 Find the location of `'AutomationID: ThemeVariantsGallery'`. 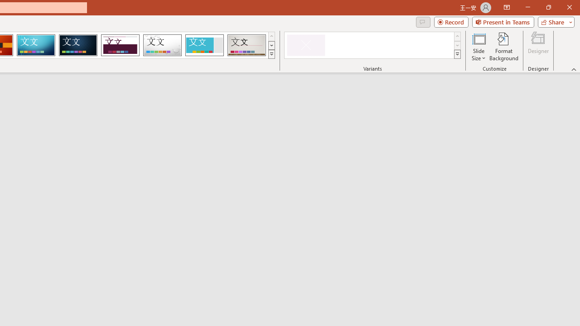

'AutomationID: ThemeVariantsGallery' is located at coordinates (373, 45).